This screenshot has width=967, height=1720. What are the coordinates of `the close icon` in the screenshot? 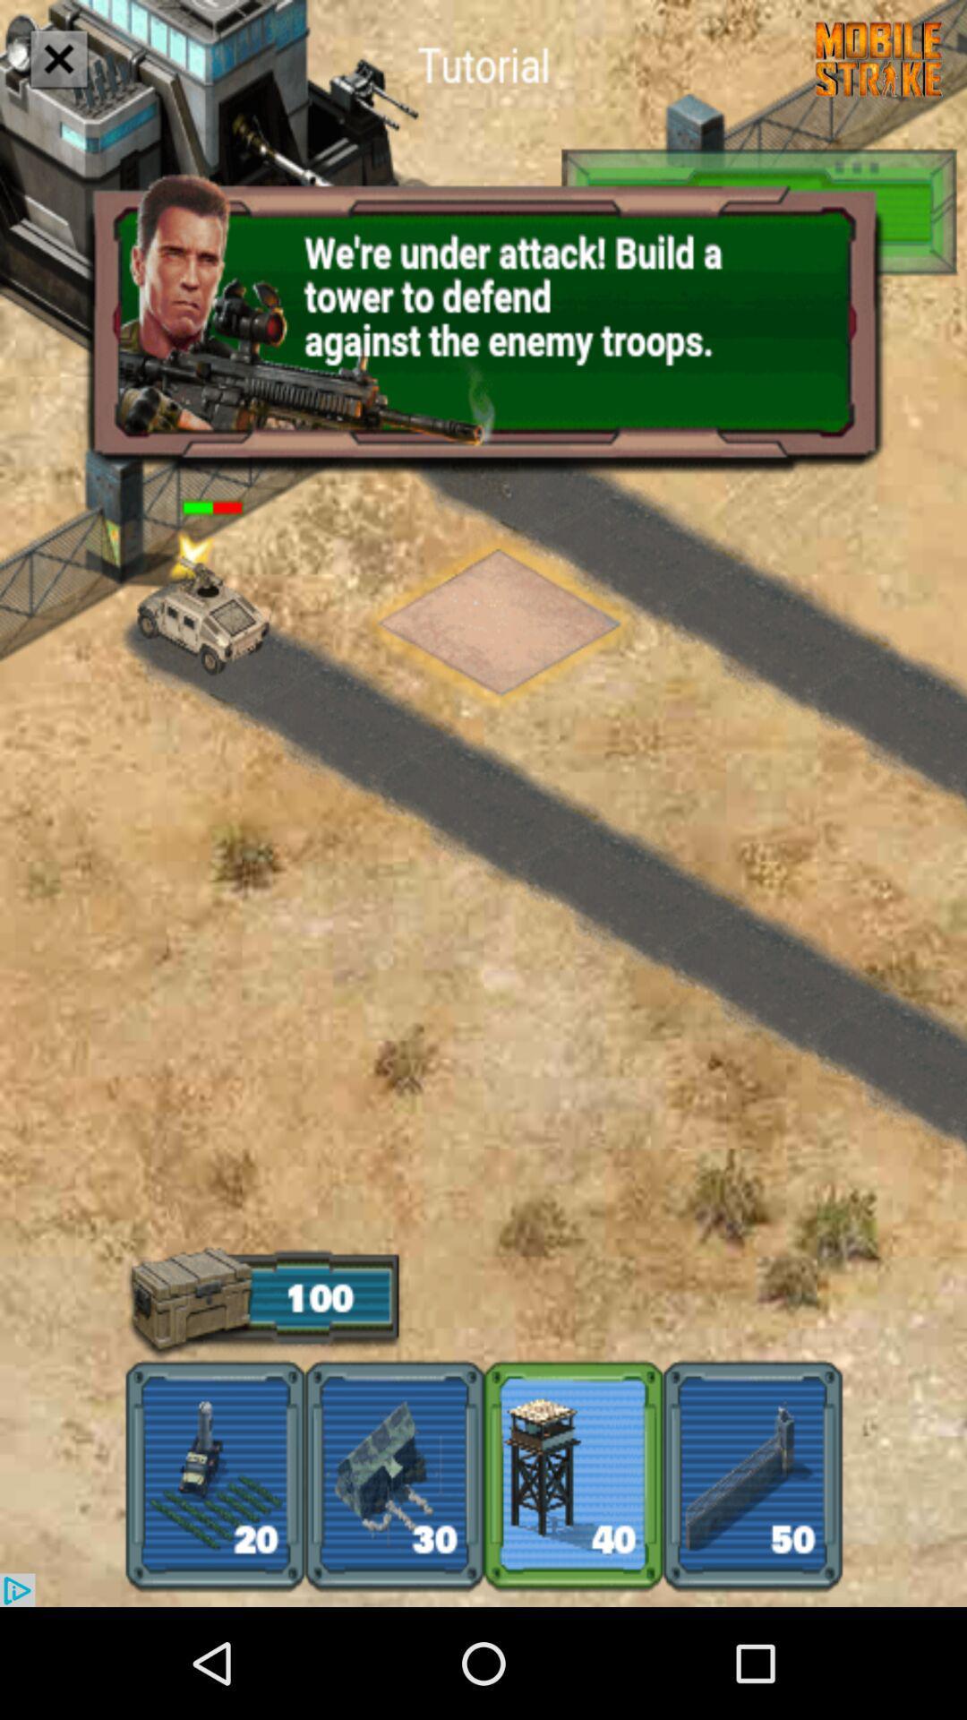 It's located at (57, 63).